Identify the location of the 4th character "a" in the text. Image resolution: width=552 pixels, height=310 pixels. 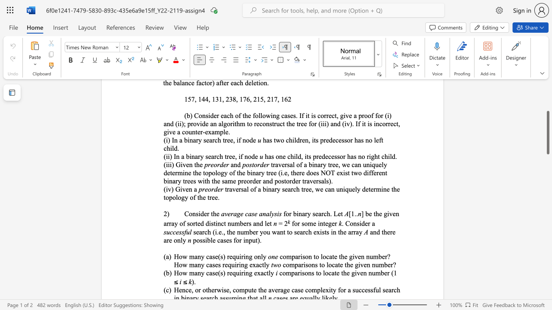
(260, 213).